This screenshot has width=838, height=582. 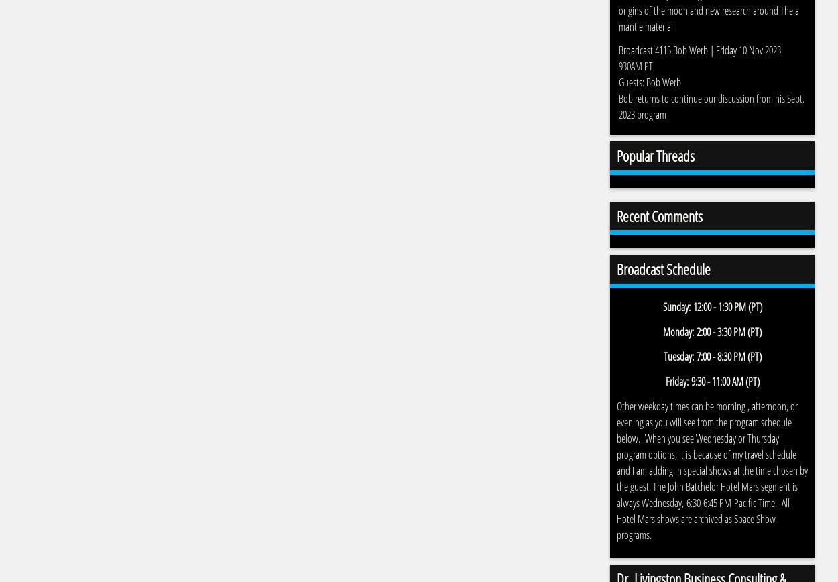 I want to click on 'Other weekday times can be morning , afternoon, or evening as you will see from the program schedule below.  When you see Wednesday or Thursday program options, it is because of my travel schedule and I am adding in special shows at the time chosen by the guest. The John Batchelor Hotel Mars segment is always Wednesday, 6:30-6:45 PM Pacific Time.  All Hotel Mars shows are archived as Space Show programs.', so click(x=712, y=469).